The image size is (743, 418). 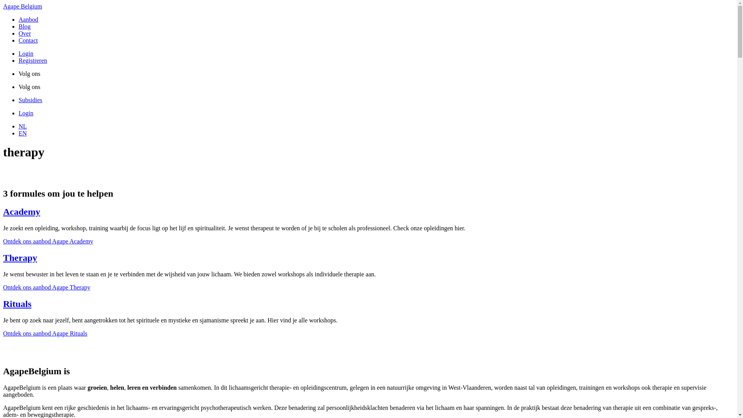 I want to click on 'Rituals', so click(x=17, y=303).